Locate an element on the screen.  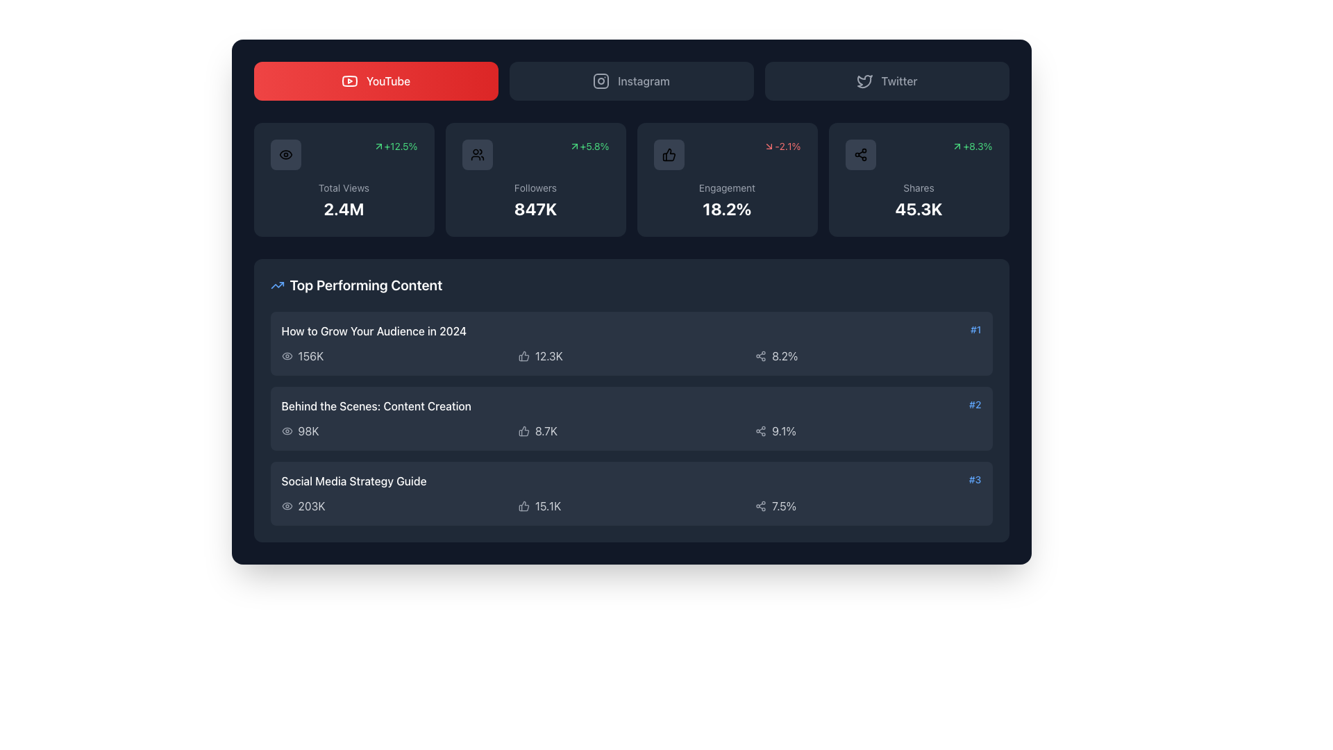
the second item in the grid layout within the card titled 'Behind the Scenes: Content Creation', which visually represents numerical metrics between '98K' and '9.1%' in the 'Top Performing Content' section is located at coordinates (630, 431).